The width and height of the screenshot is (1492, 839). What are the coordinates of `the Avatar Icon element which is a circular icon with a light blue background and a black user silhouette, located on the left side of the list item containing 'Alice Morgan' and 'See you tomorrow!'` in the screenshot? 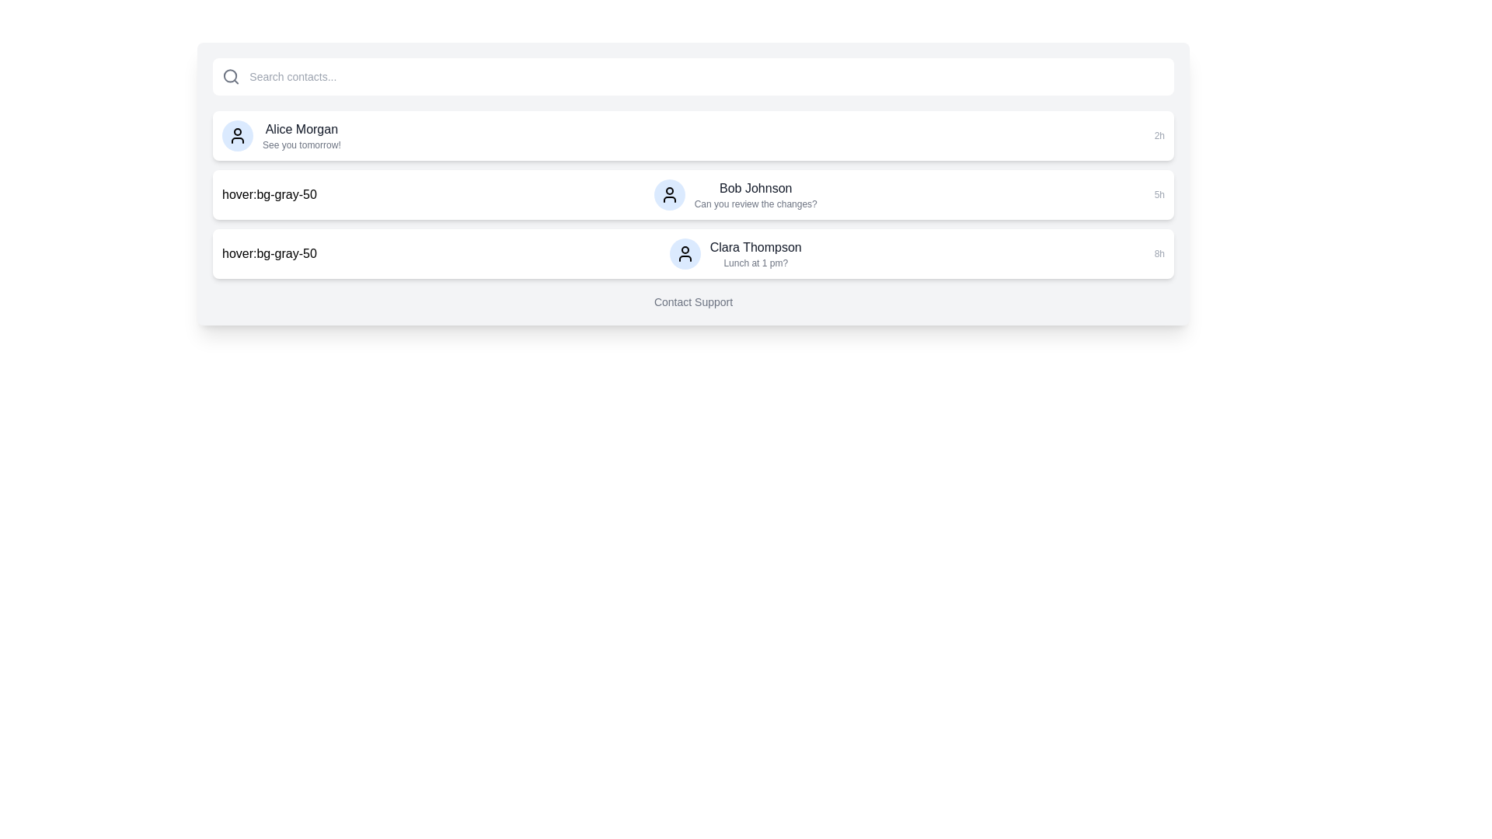 It's located at (237, 134).